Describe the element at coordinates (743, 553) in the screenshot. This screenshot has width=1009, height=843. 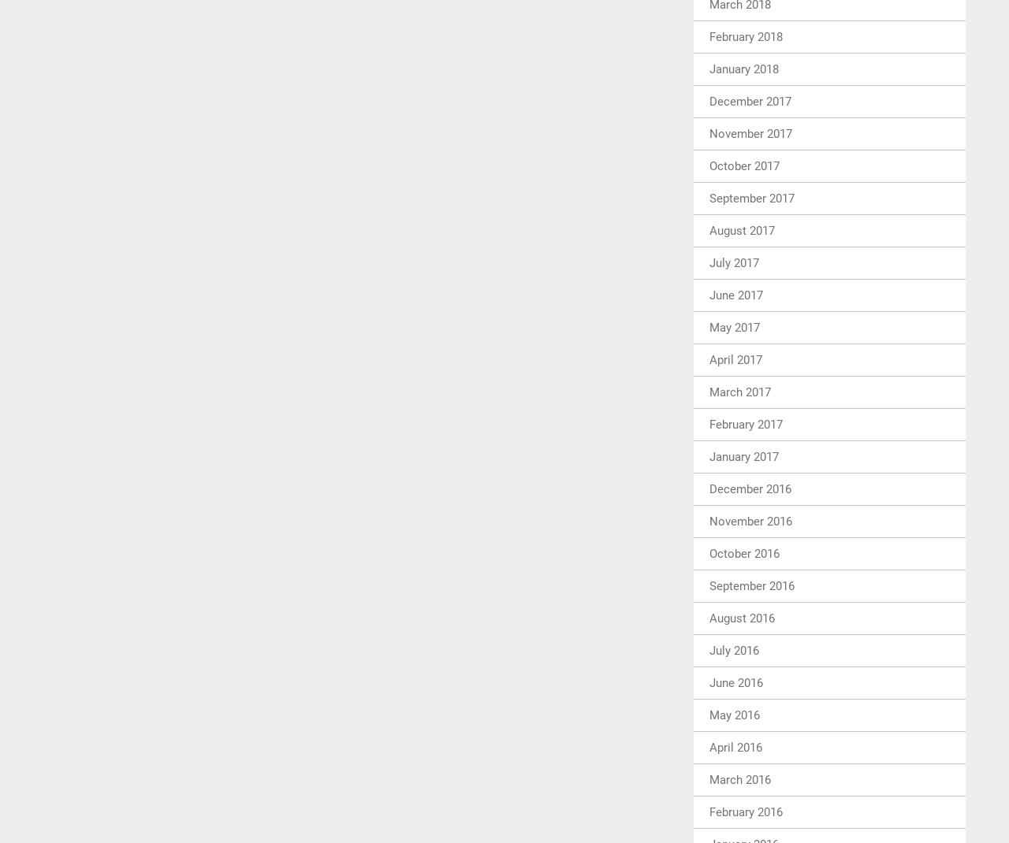
I see `'October 2016'` at that location.